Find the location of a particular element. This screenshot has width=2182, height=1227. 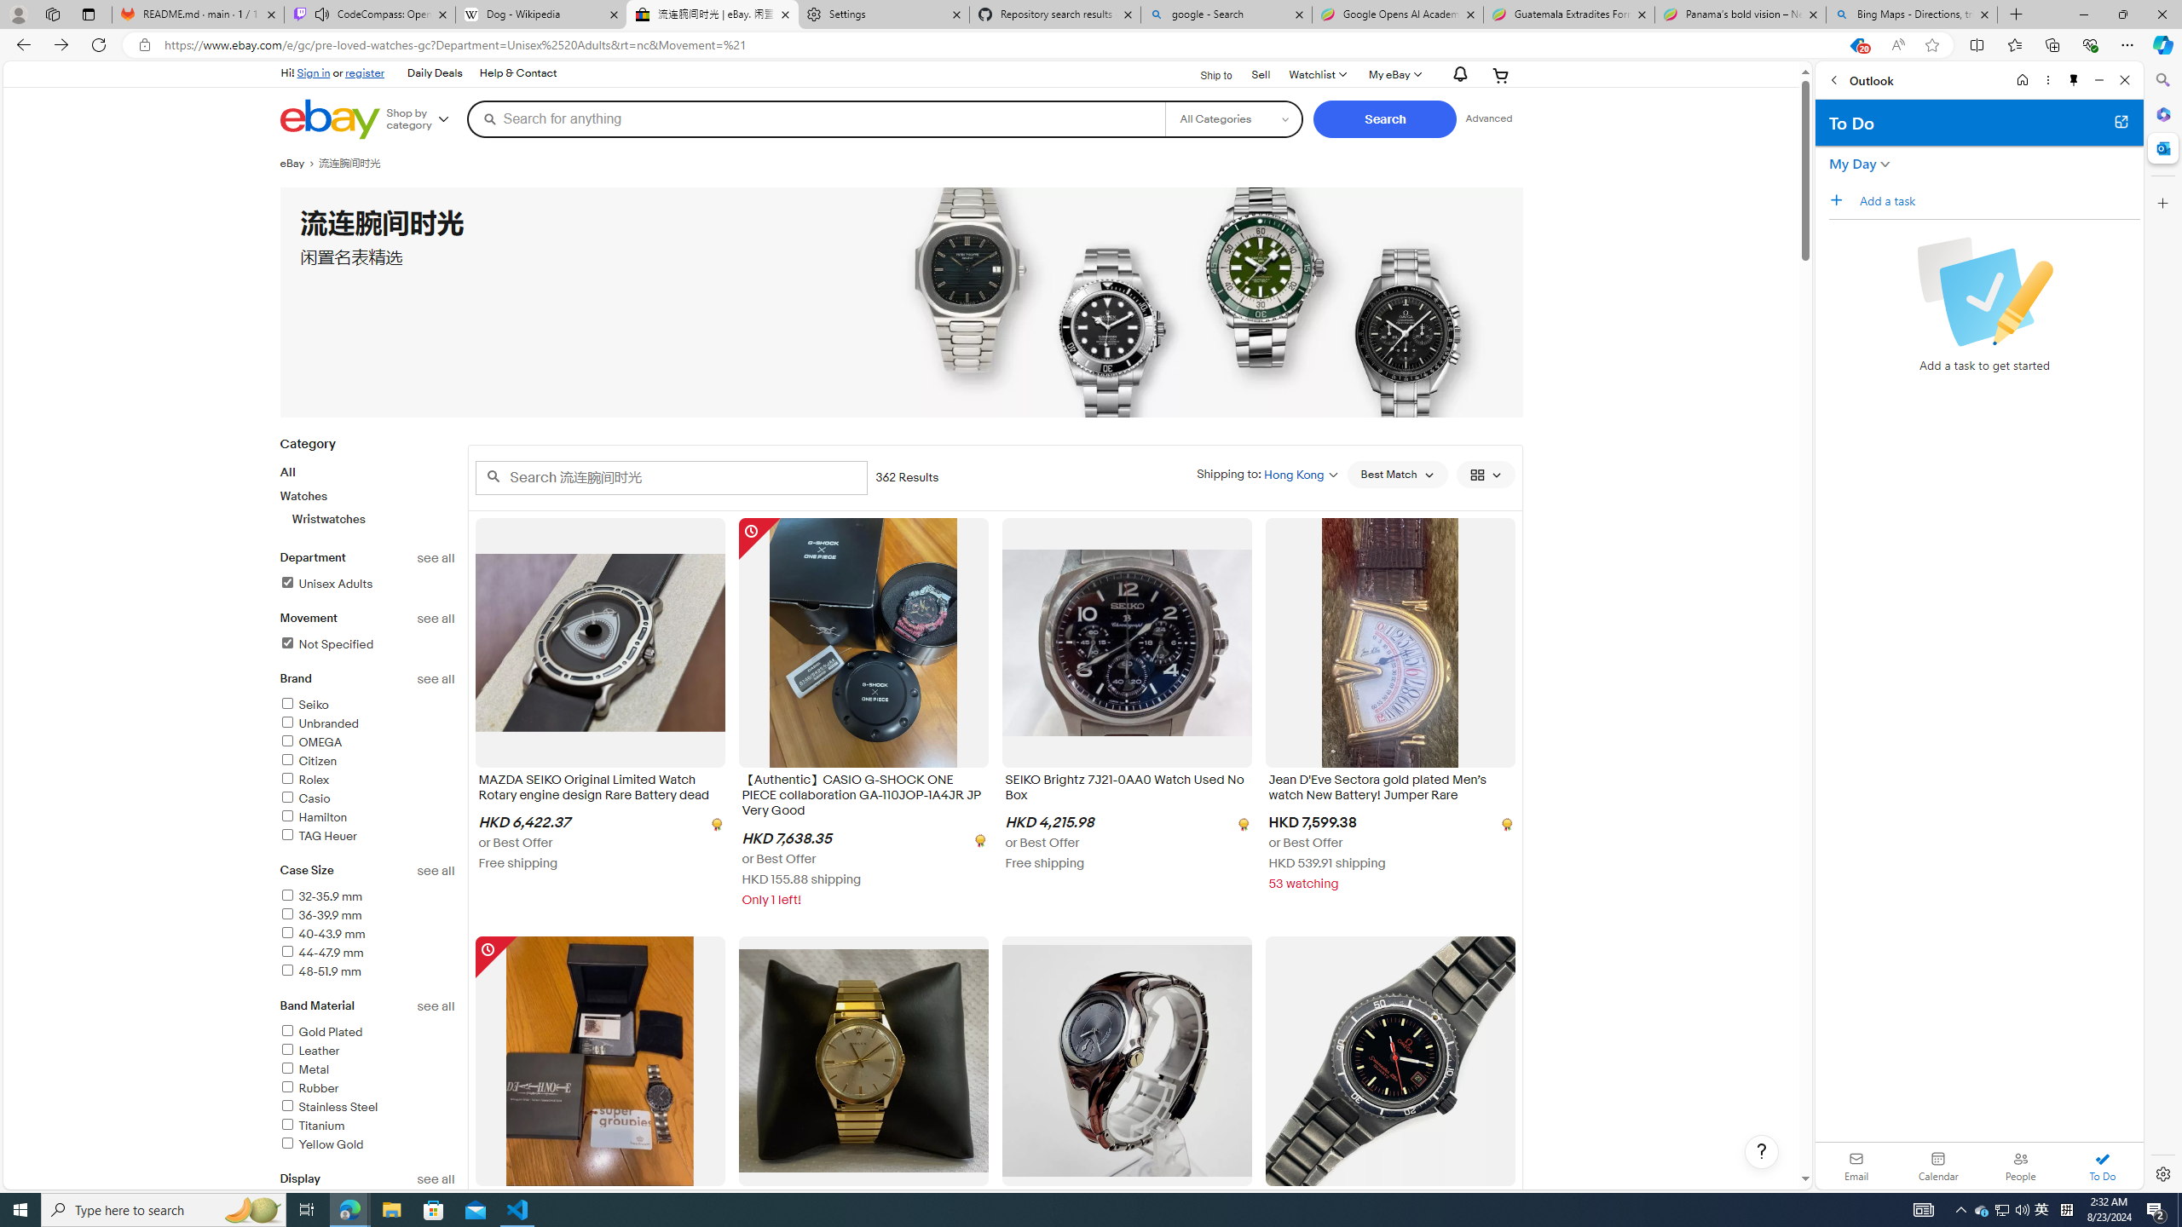

'WatchlistExpand Watch List' is located at coordinates (1316, 74).